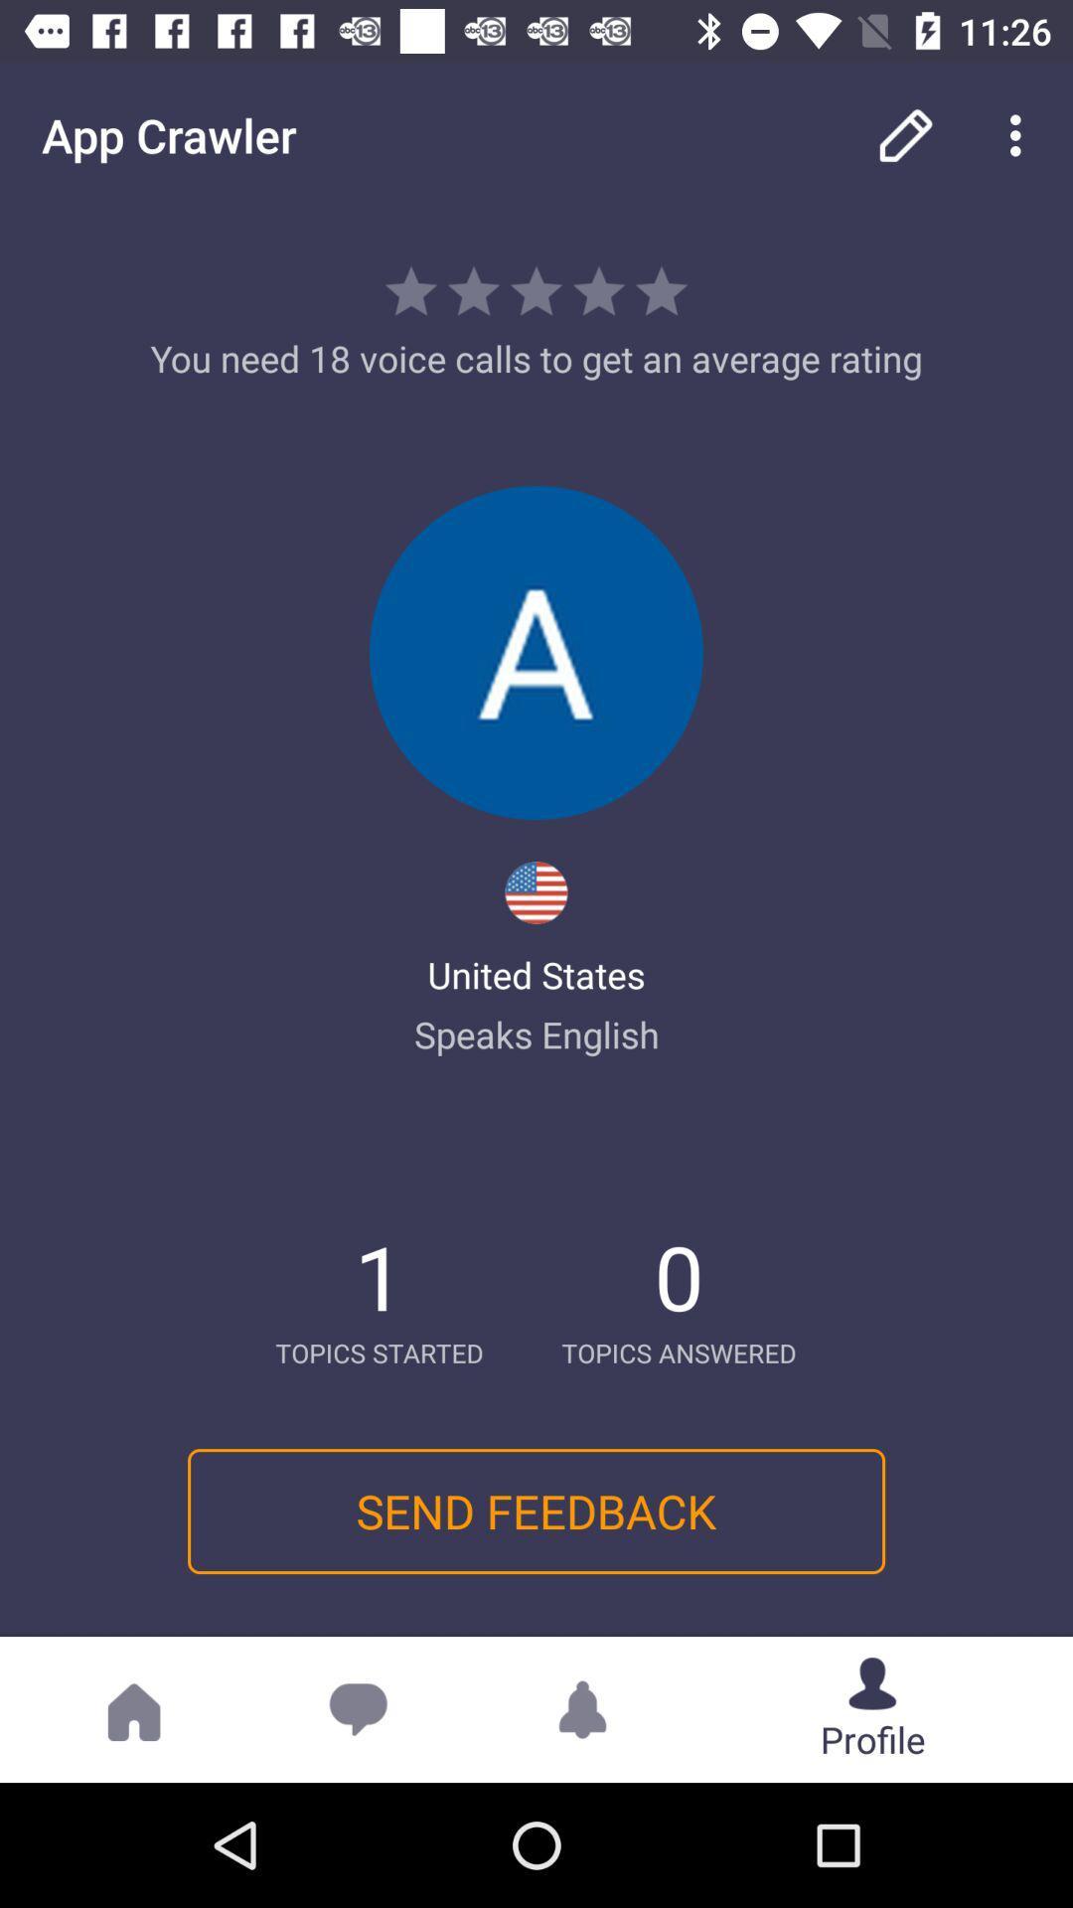 The width and height of the screenshot is (1073, 1908). Describe the element at coordinates (1020, 134) in the screenshot. I see `the icon above you need 18 icon` at that location.